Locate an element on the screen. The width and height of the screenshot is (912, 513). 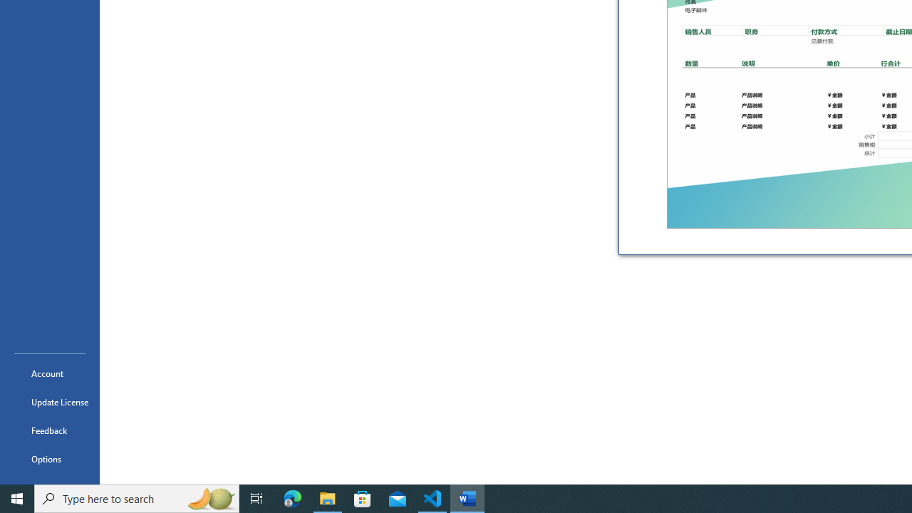
'Search highlights icon opens search home window' is located at coordinates (209, 497).